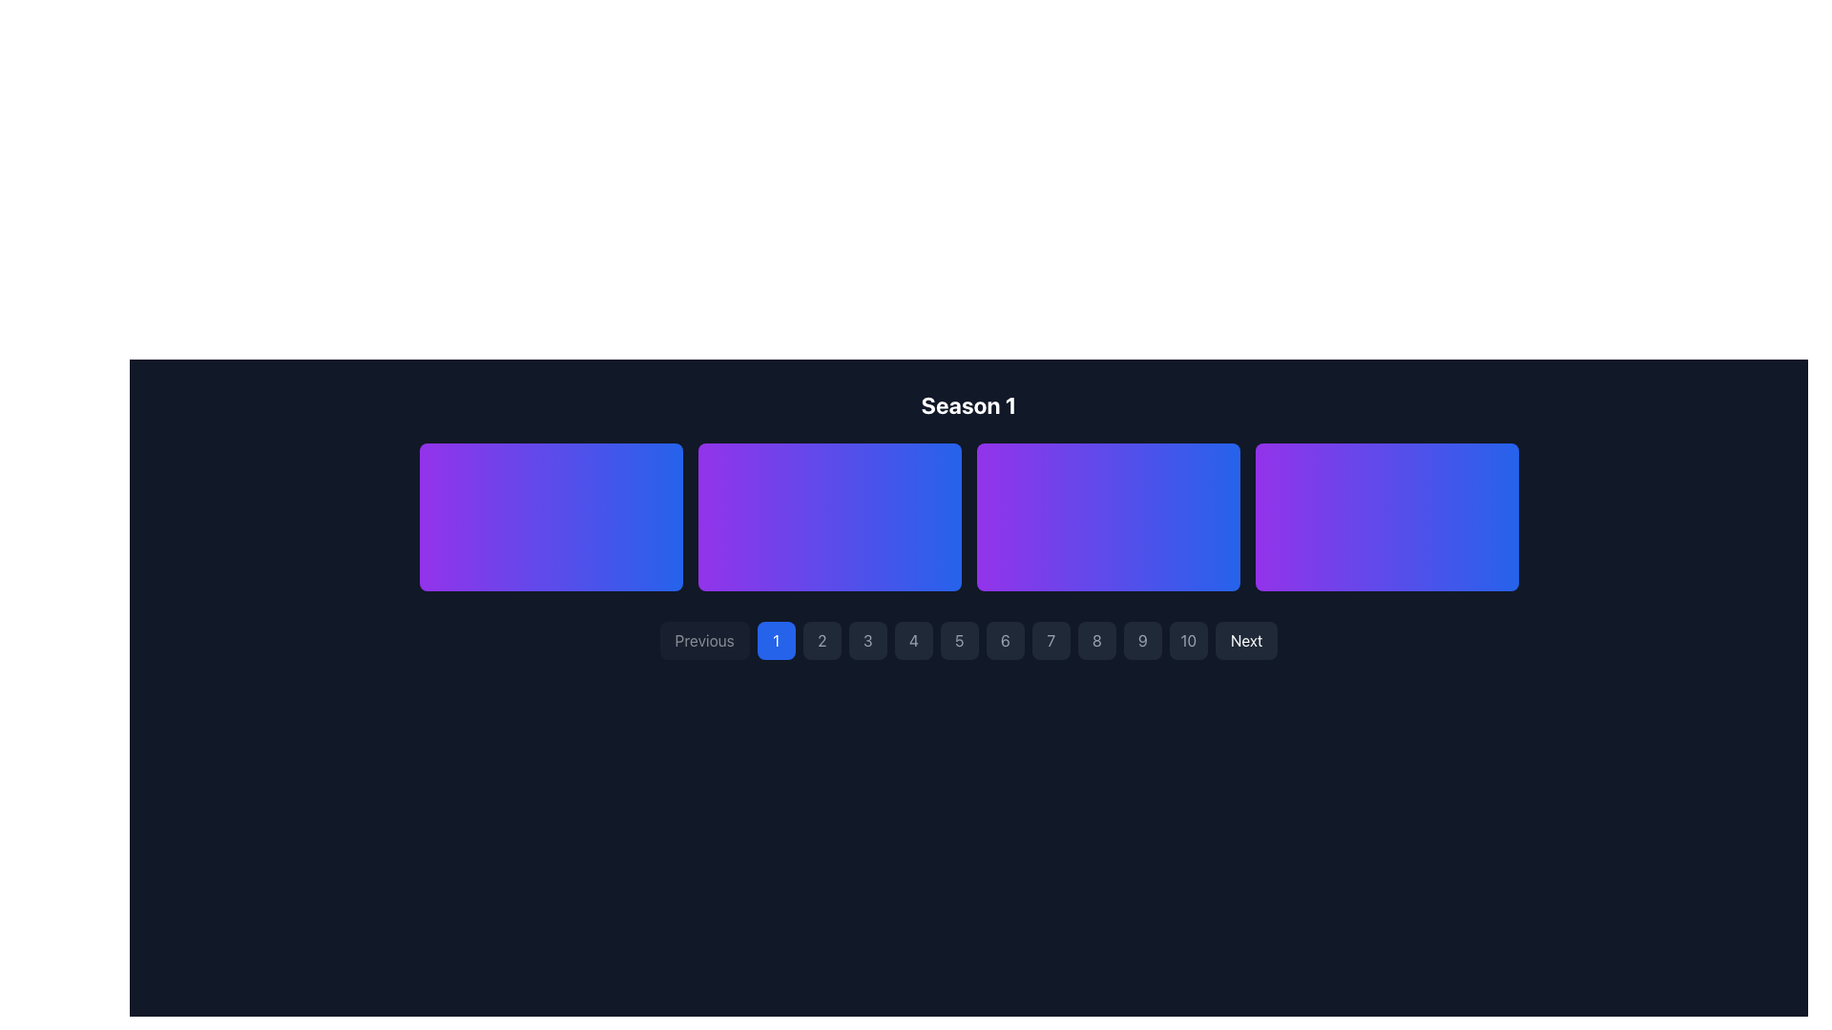  I want to click on the first interactive card, so click(550, 517).